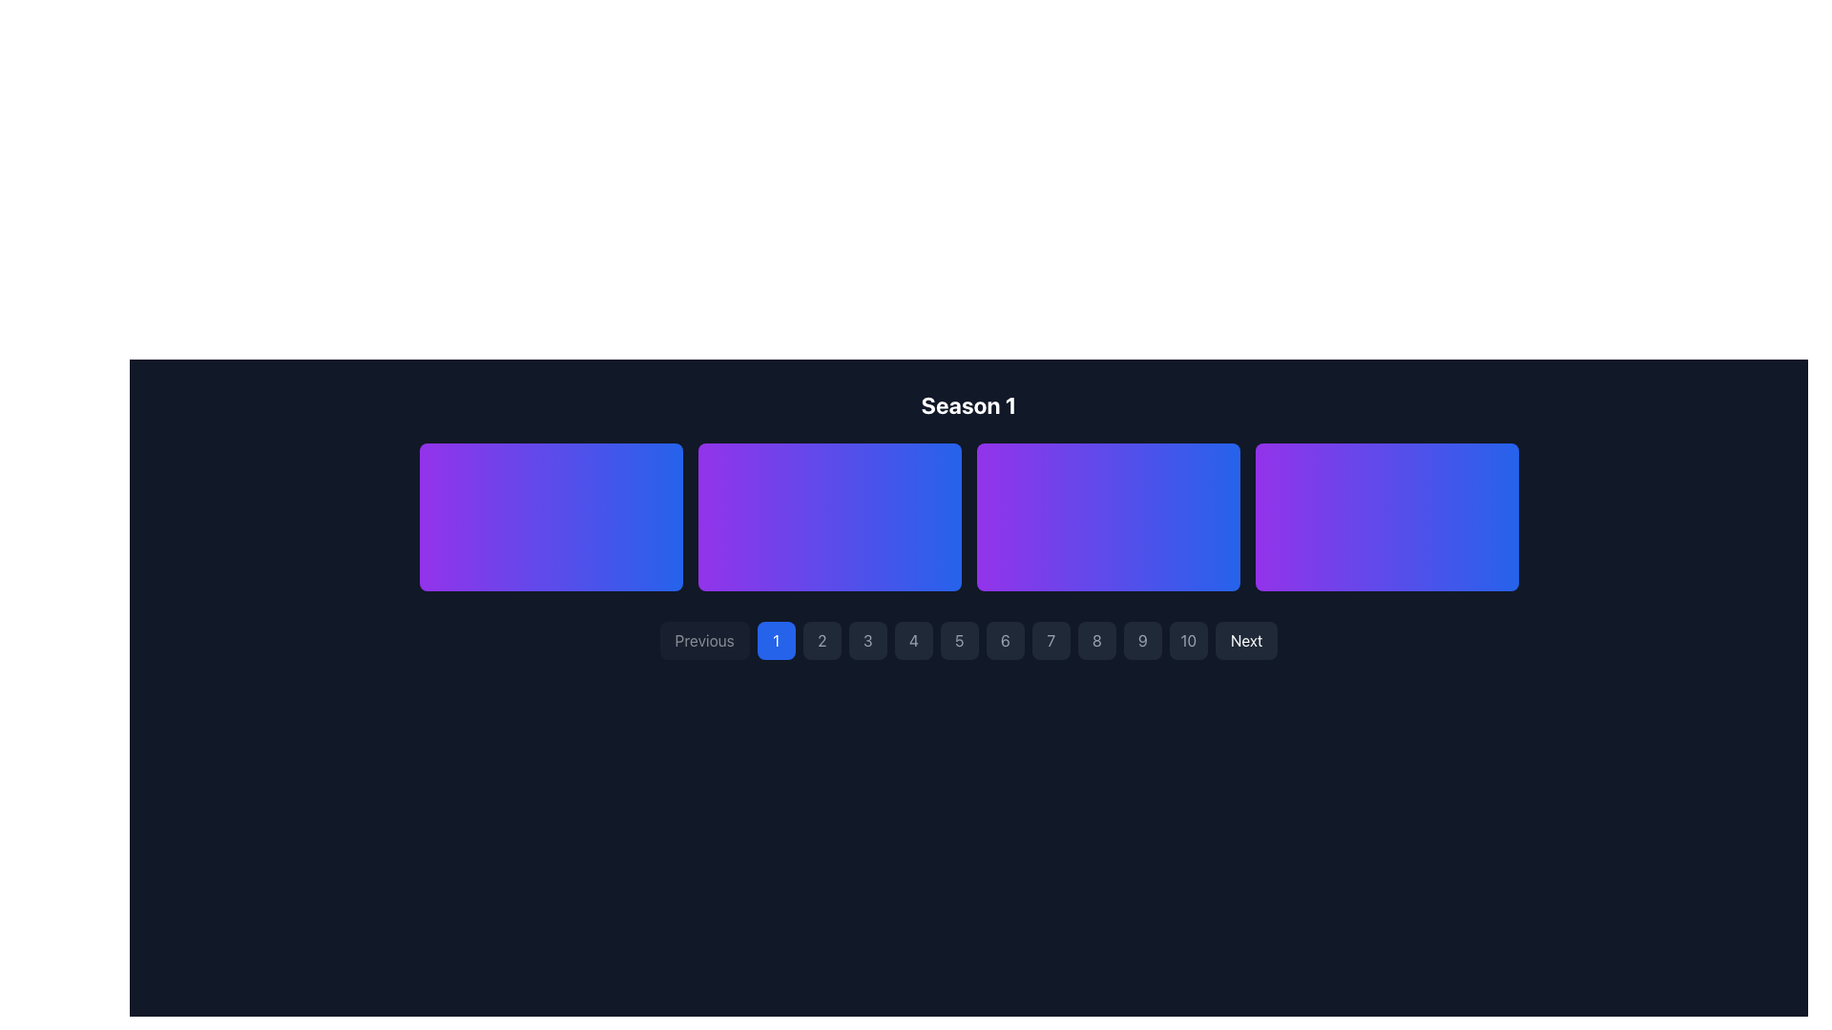  I want to click on the first interactive card, so click(550, 517).